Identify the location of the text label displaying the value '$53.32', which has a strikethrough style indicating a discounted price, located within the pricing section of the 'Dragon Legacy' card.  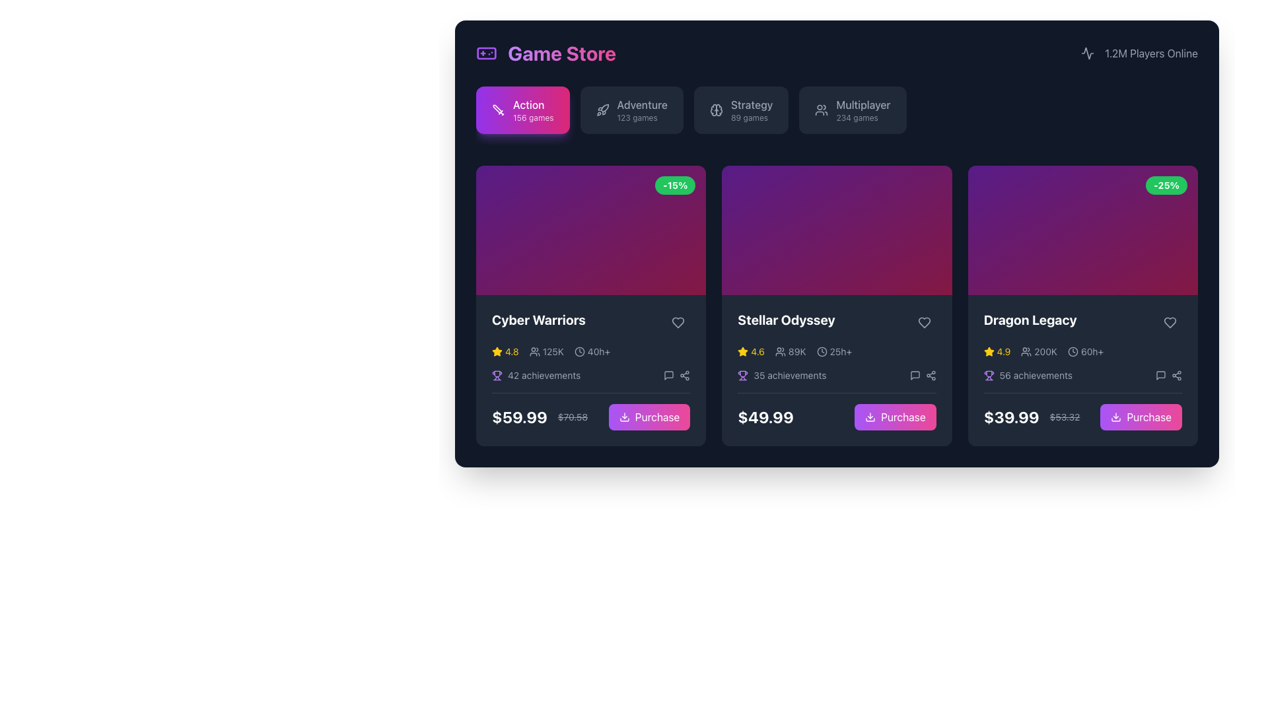
(1065, 417).